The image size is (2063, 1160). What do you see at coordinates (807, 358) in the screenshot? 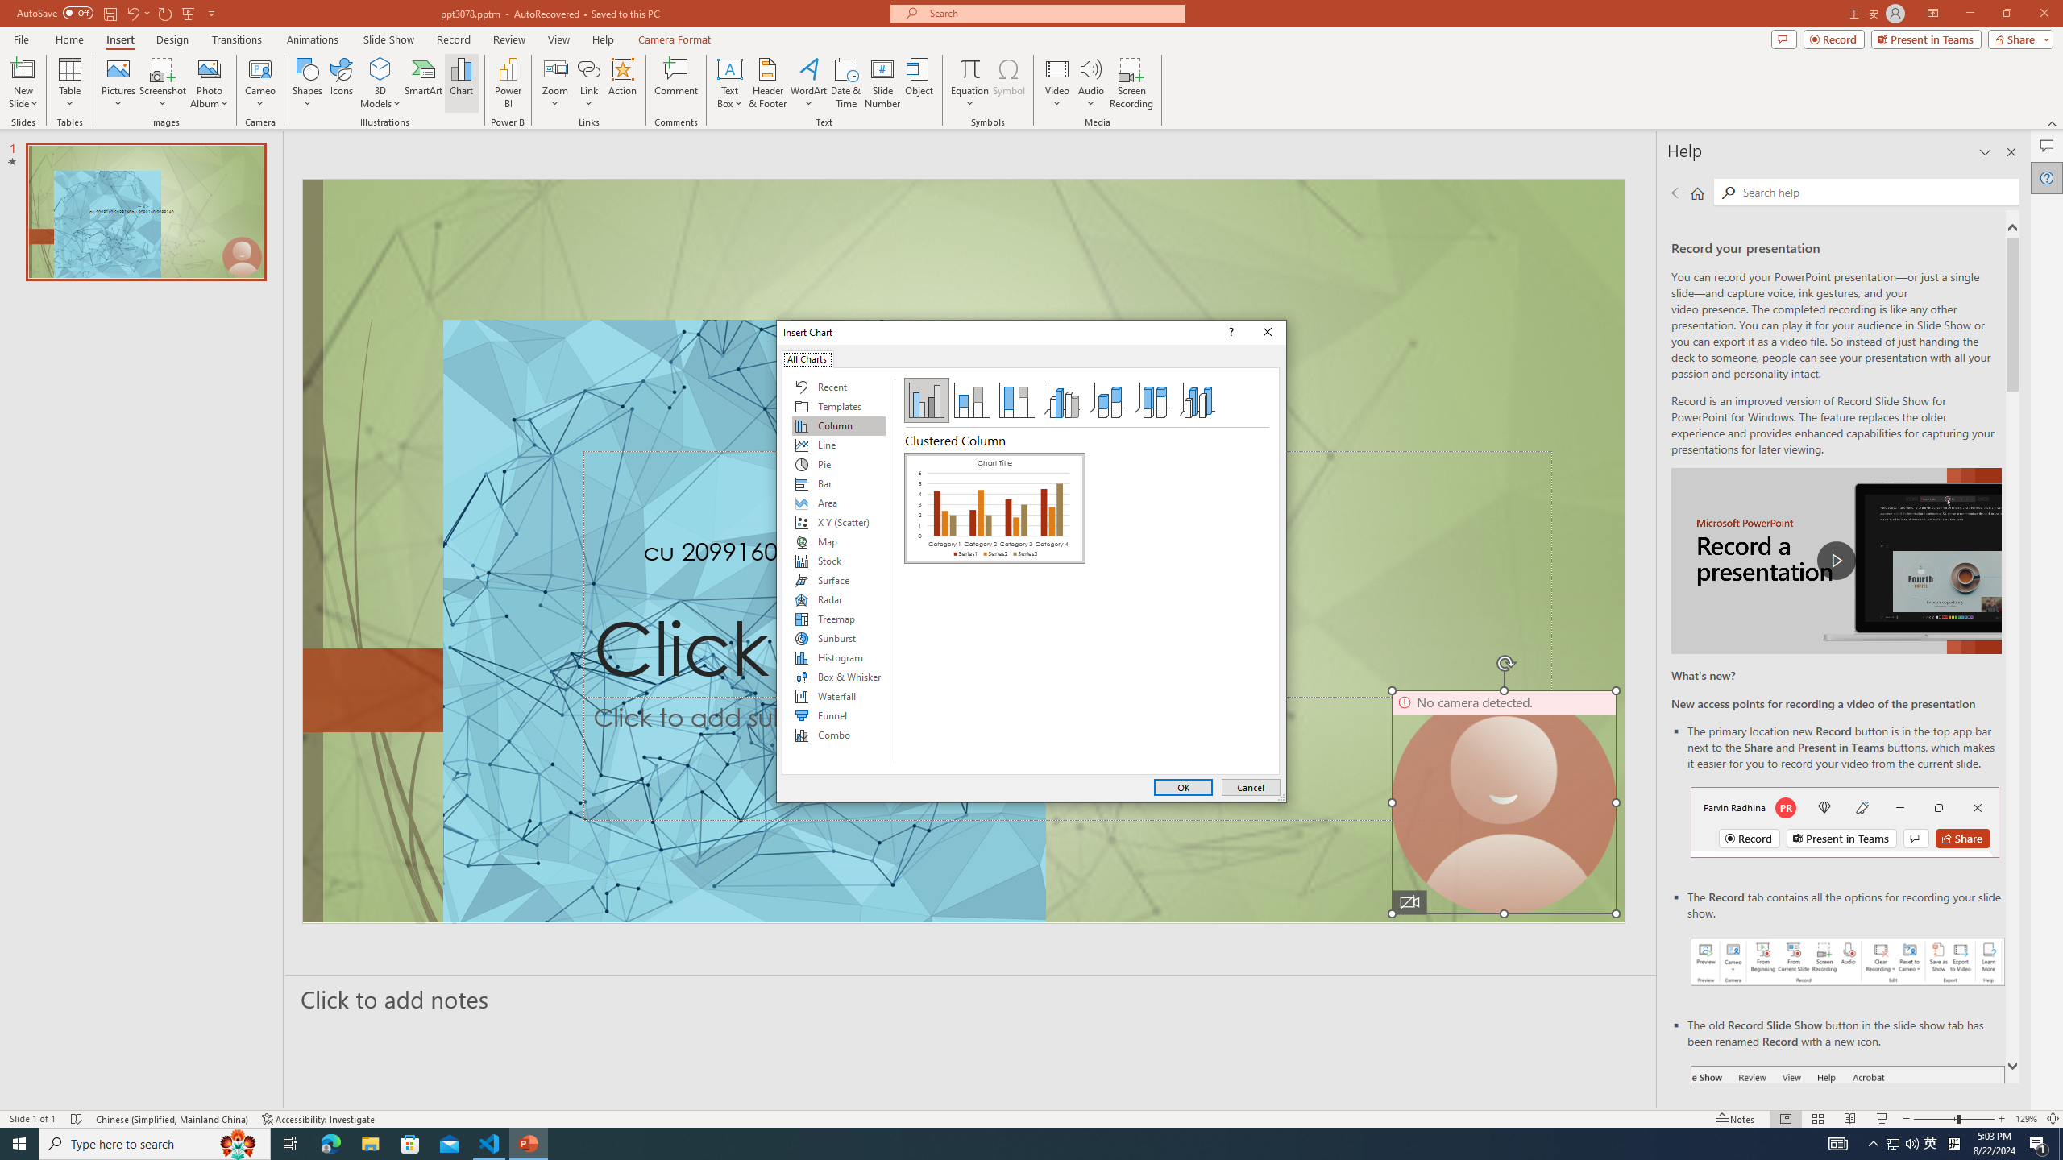
I see `'All Charts'` at bounding box center [807, 358].